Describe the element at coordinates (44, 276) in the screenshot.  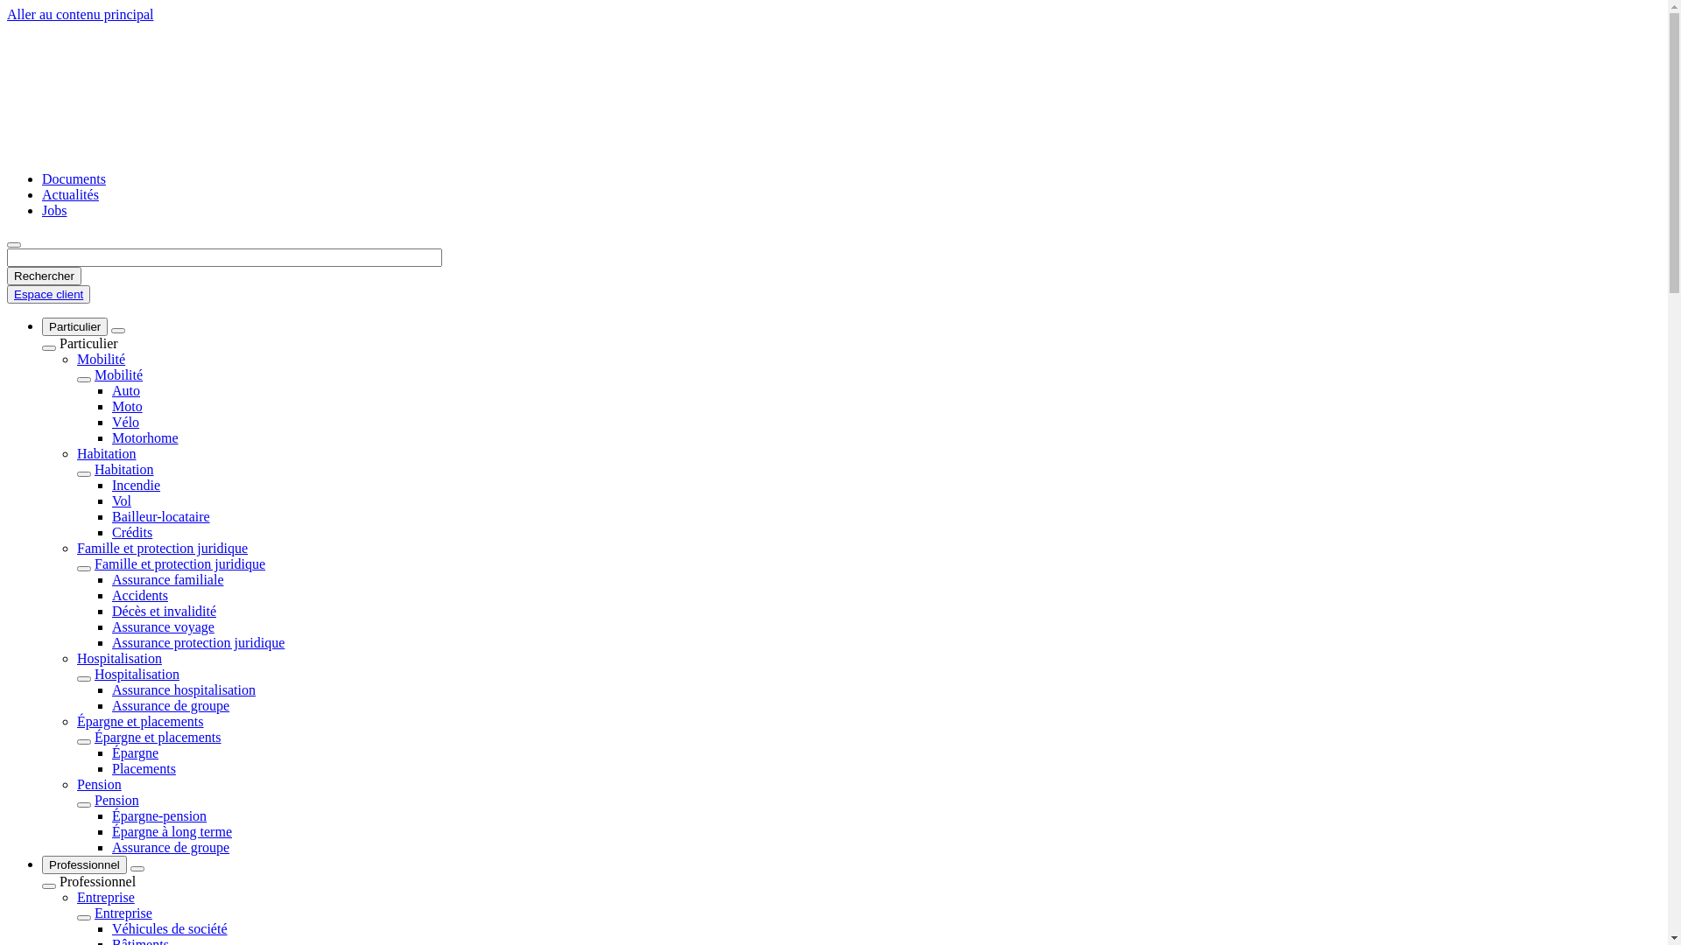
I see `'Rechercher'` at that location.